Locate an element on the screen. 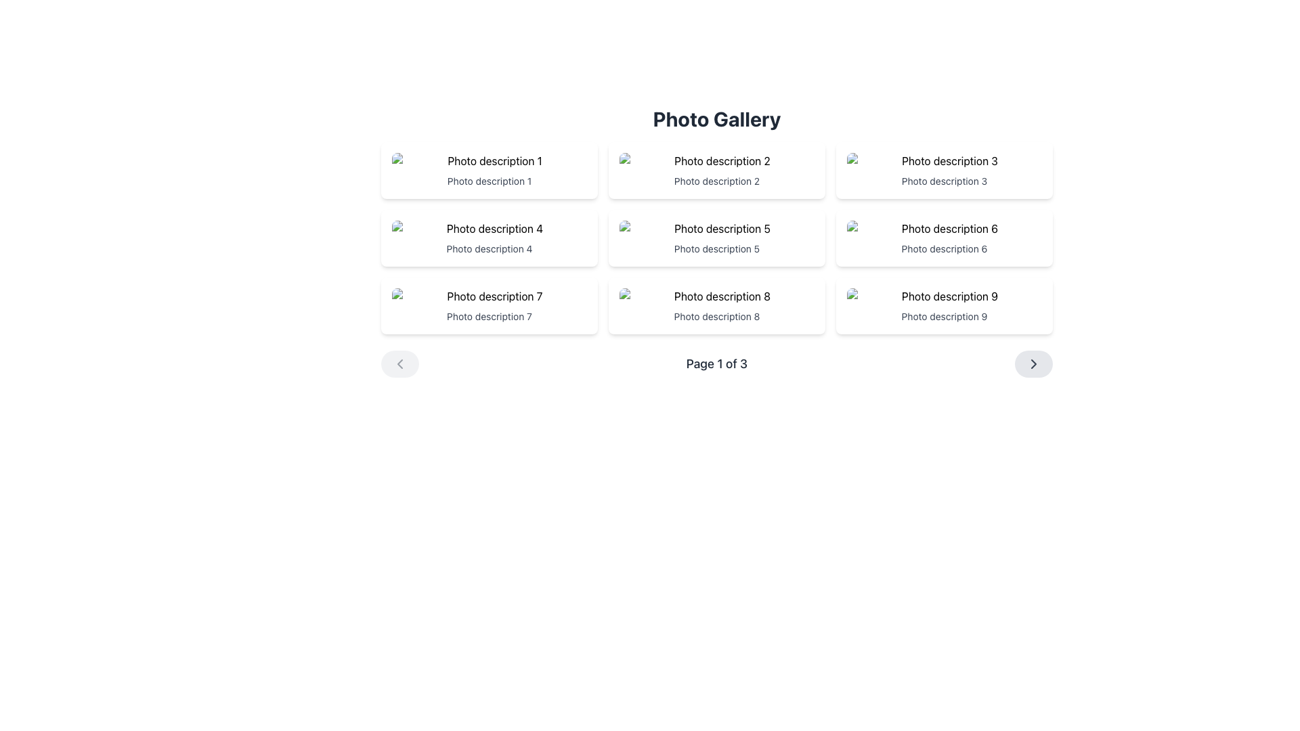 The image size is (1300, 731). the Card element located in the first row and third column of the grid layout, which displays an image and a description text is located at coordinates (944, 169).